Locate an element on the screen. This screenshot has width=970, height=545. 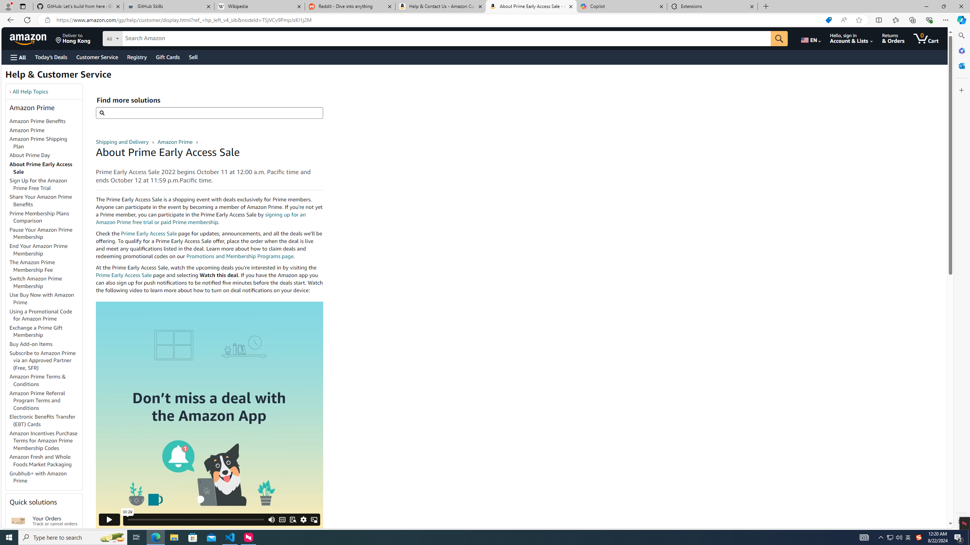
'Grubhub+ with Amazon Prime' is located at coordinates (46, 477).